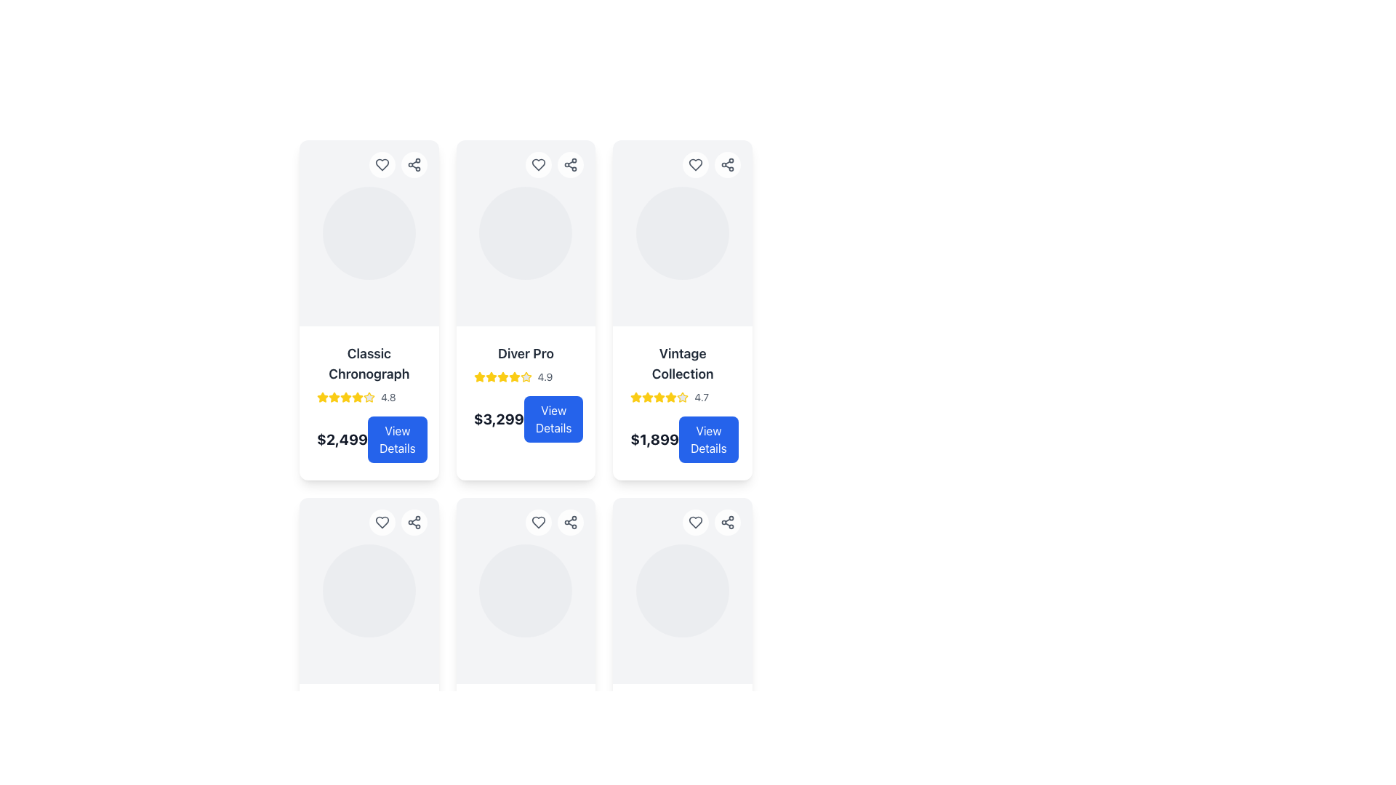  I want to click on the circular gray placeholder in the 'Diver Pro' card, which is animated to pulse and represents a loading or empty state, so click(525, 232).